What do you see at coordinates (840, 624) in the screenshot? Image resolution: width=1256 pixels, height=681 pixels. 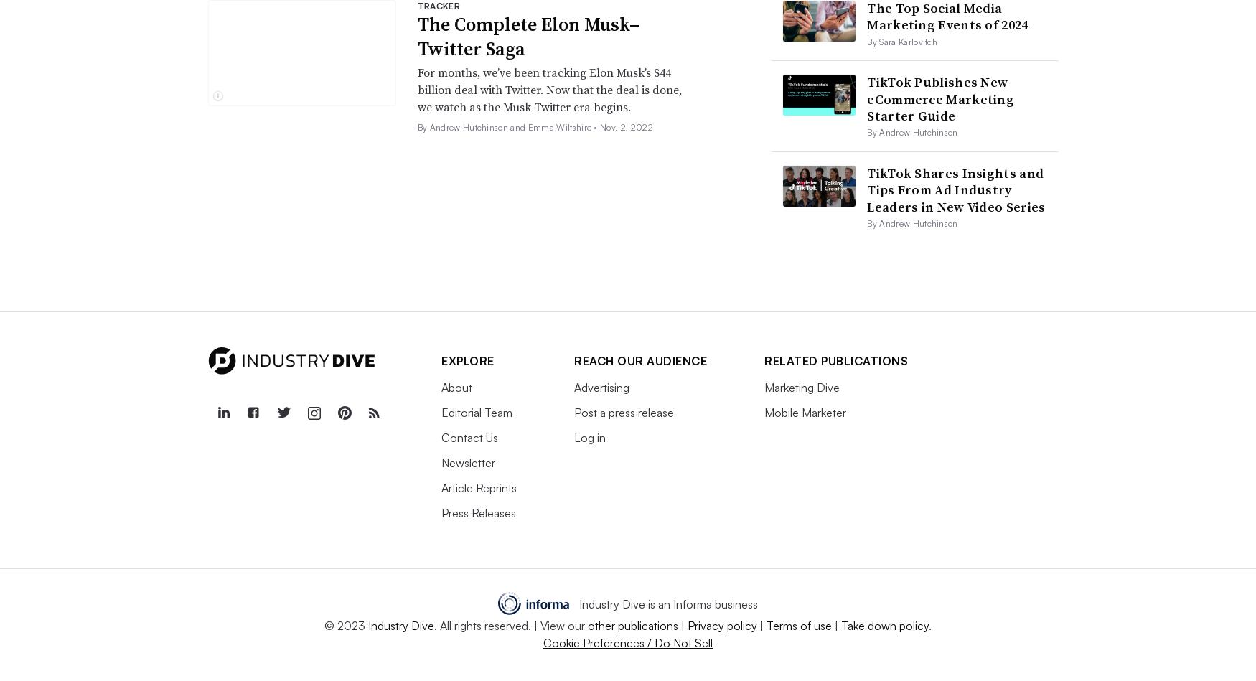 I see `'Take down policy'` at bounding box center [840, 624].